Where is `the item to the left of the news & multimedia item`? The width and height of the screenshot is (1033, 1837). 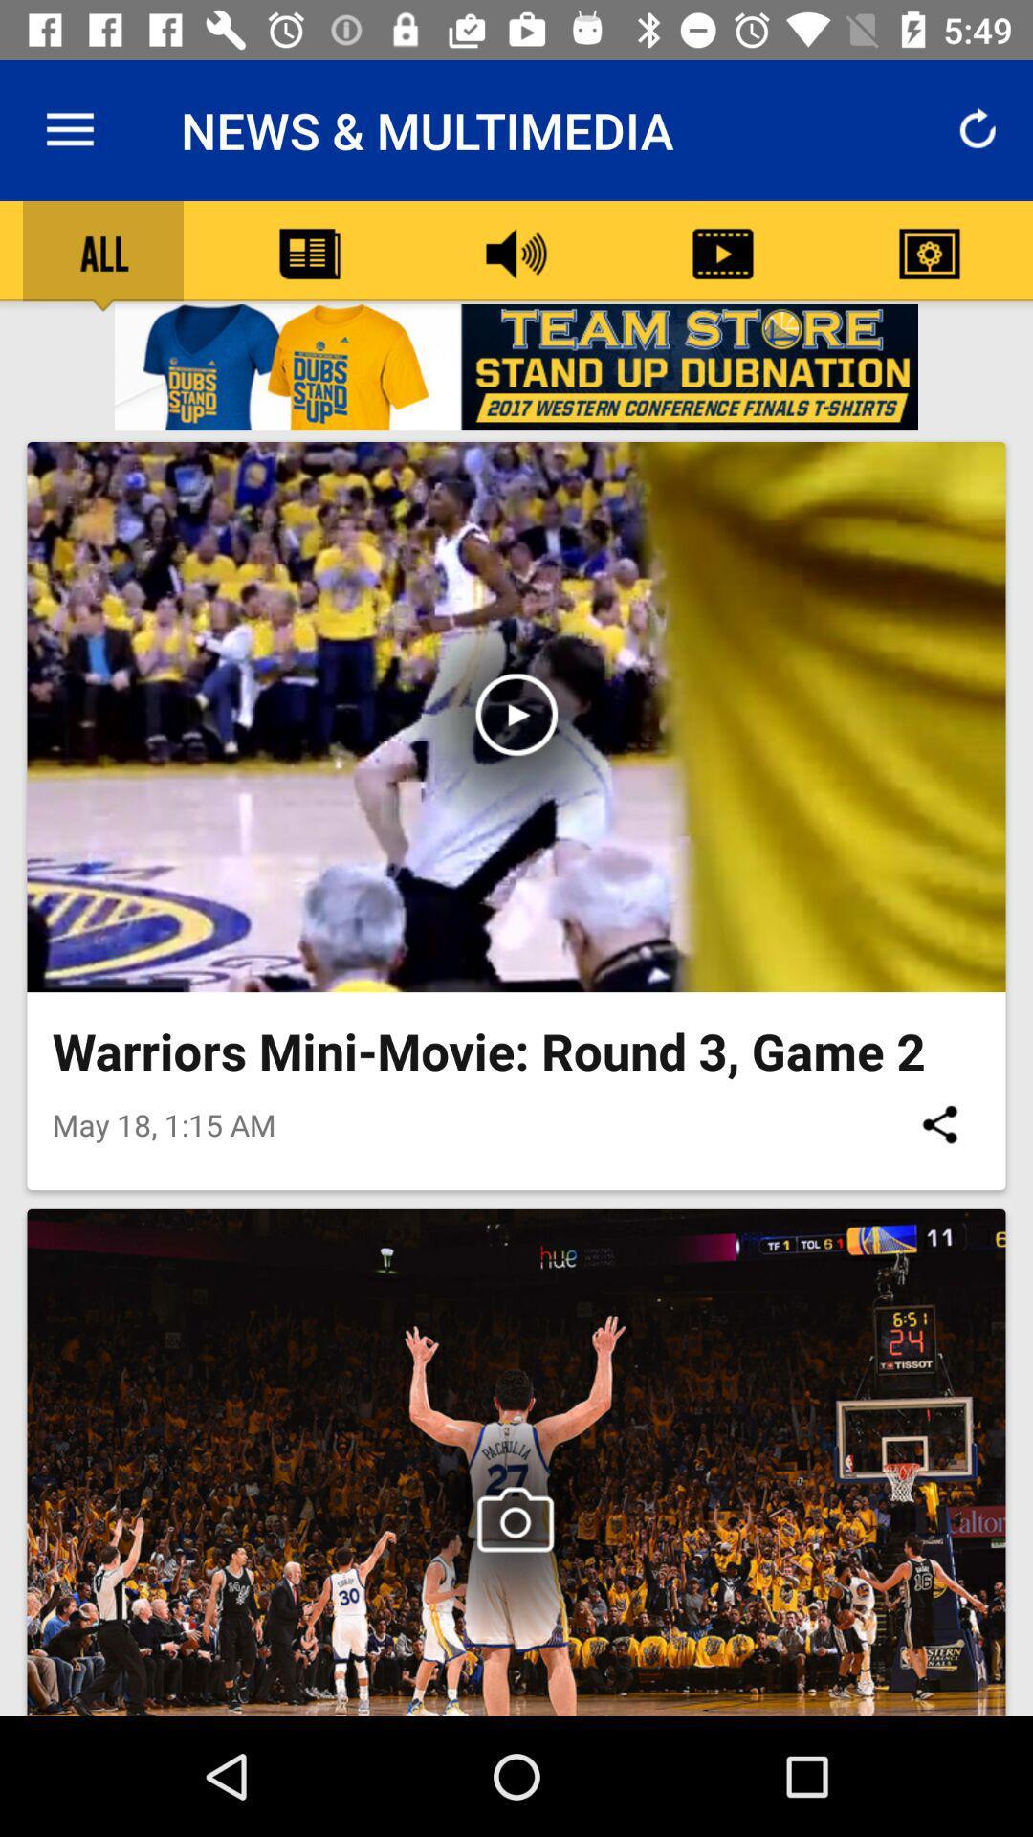
the item to the left of the news & multimedia item is located at coordinates (69, 129).